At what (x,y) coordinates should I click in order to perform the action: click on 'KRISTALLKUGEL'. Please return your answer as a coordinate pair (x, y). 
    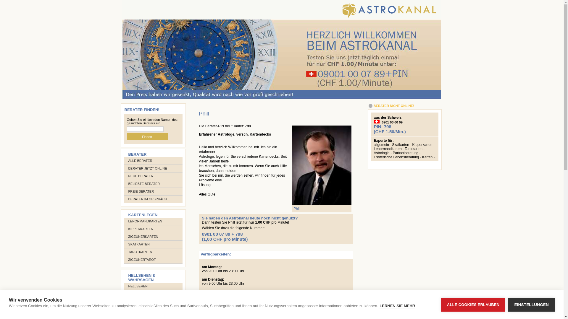
    Looking at the image, I should click on (128, 309).